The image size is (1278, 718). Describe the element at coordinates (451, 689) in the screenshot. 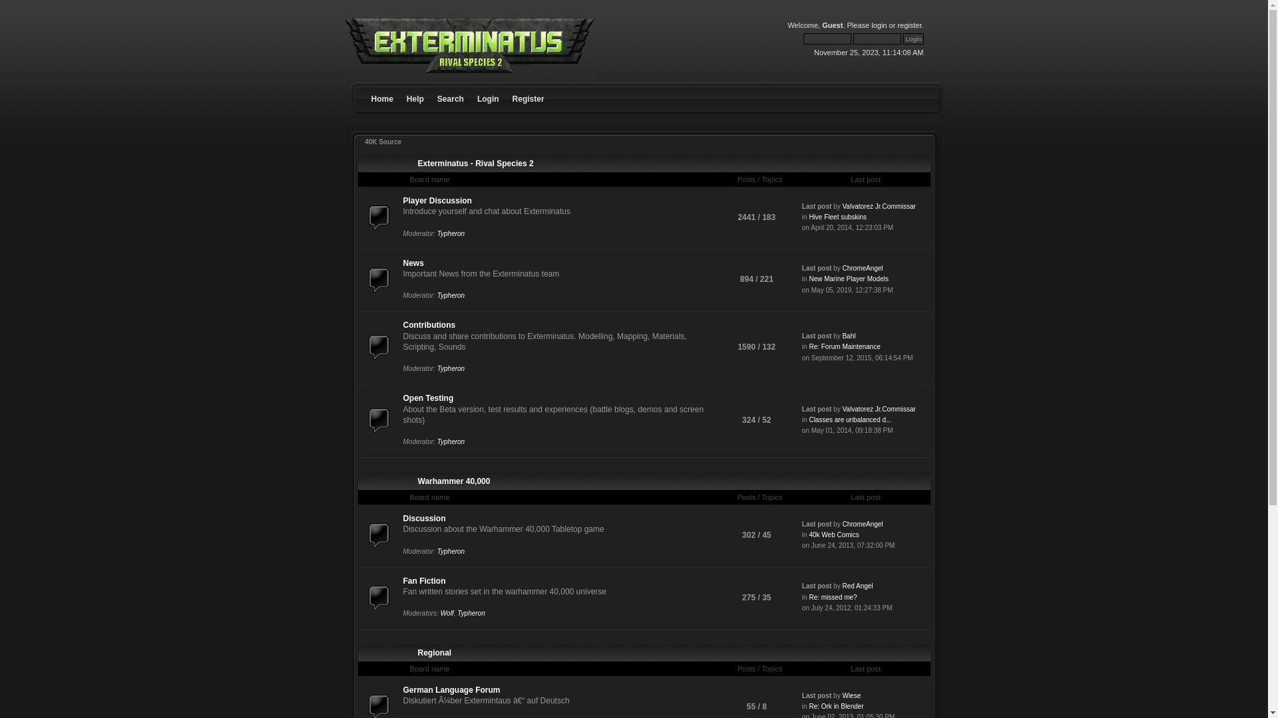

I see `'German Language Forum'` at that location.